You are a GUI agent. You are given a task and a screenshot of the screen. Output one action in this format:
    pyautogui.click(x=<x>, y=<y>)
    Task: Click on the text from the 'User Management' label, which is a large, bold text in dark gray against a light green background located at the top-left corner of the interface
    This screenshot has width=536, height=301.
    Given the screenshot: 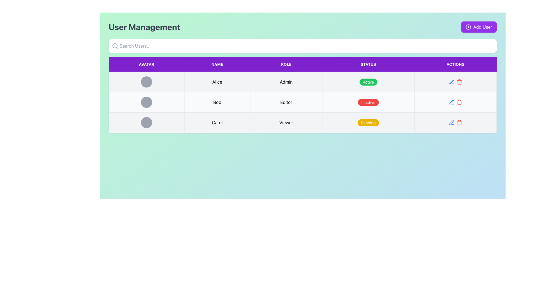 What is the action you would take?
    pyautogui.click(x=144, y=27)
    